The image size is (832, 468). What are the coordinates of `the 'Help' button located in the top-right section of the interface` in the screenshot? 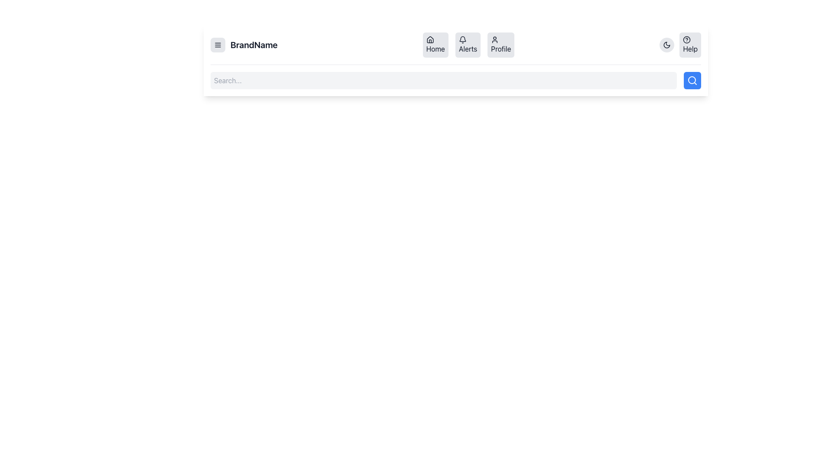 It's located at (679, 45).